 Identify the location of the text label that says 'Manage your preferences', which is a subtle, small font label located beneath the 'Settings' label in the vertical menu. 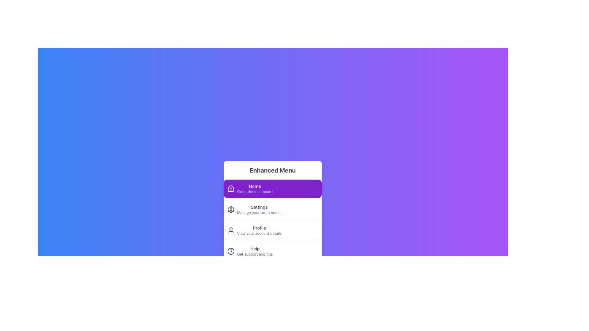
(259, 212).